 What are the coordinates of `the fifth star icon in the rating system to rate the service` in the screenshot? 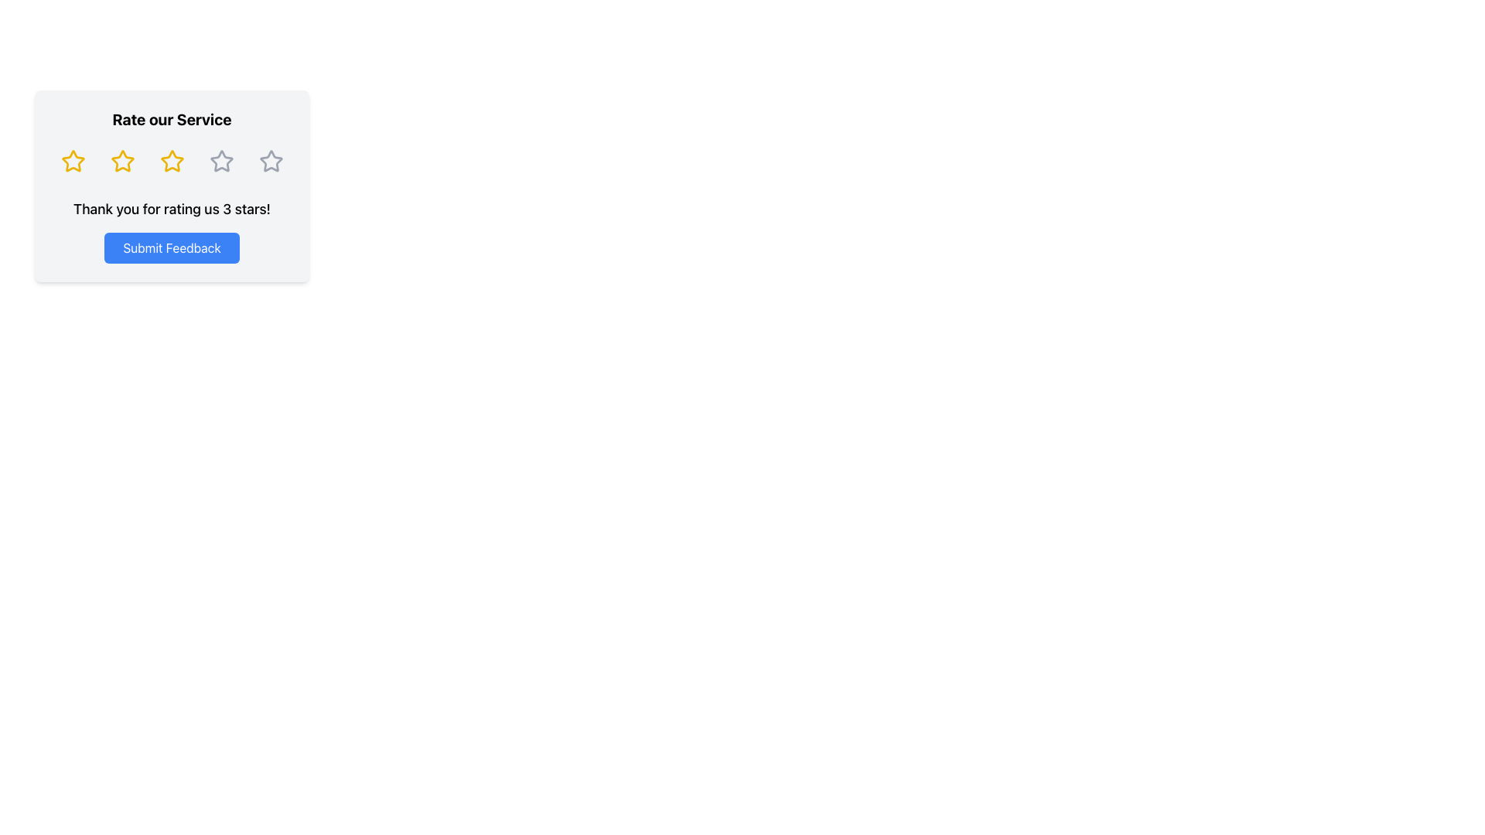 It's located at (271, 161).